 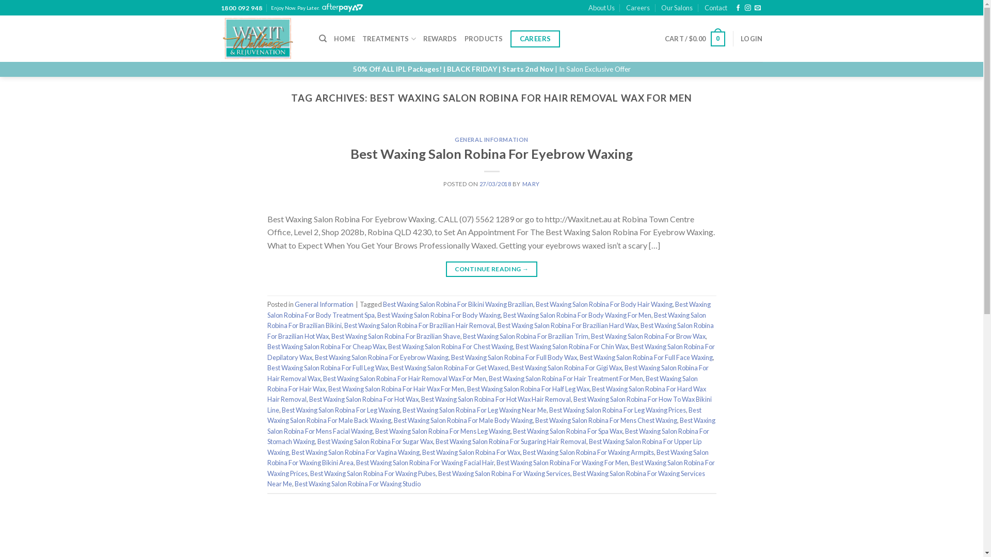 What do you see at coordinates (267, 415) in the screenshot?
I see `'Best Waxing Salon Robina For Male Back Waxing'` at bounding box center [267, 415].